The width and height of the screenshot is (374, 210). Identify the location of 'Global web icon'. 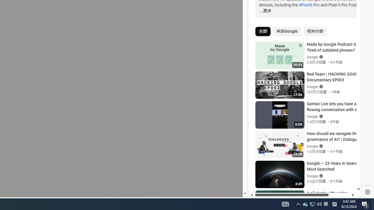
(259, 126).